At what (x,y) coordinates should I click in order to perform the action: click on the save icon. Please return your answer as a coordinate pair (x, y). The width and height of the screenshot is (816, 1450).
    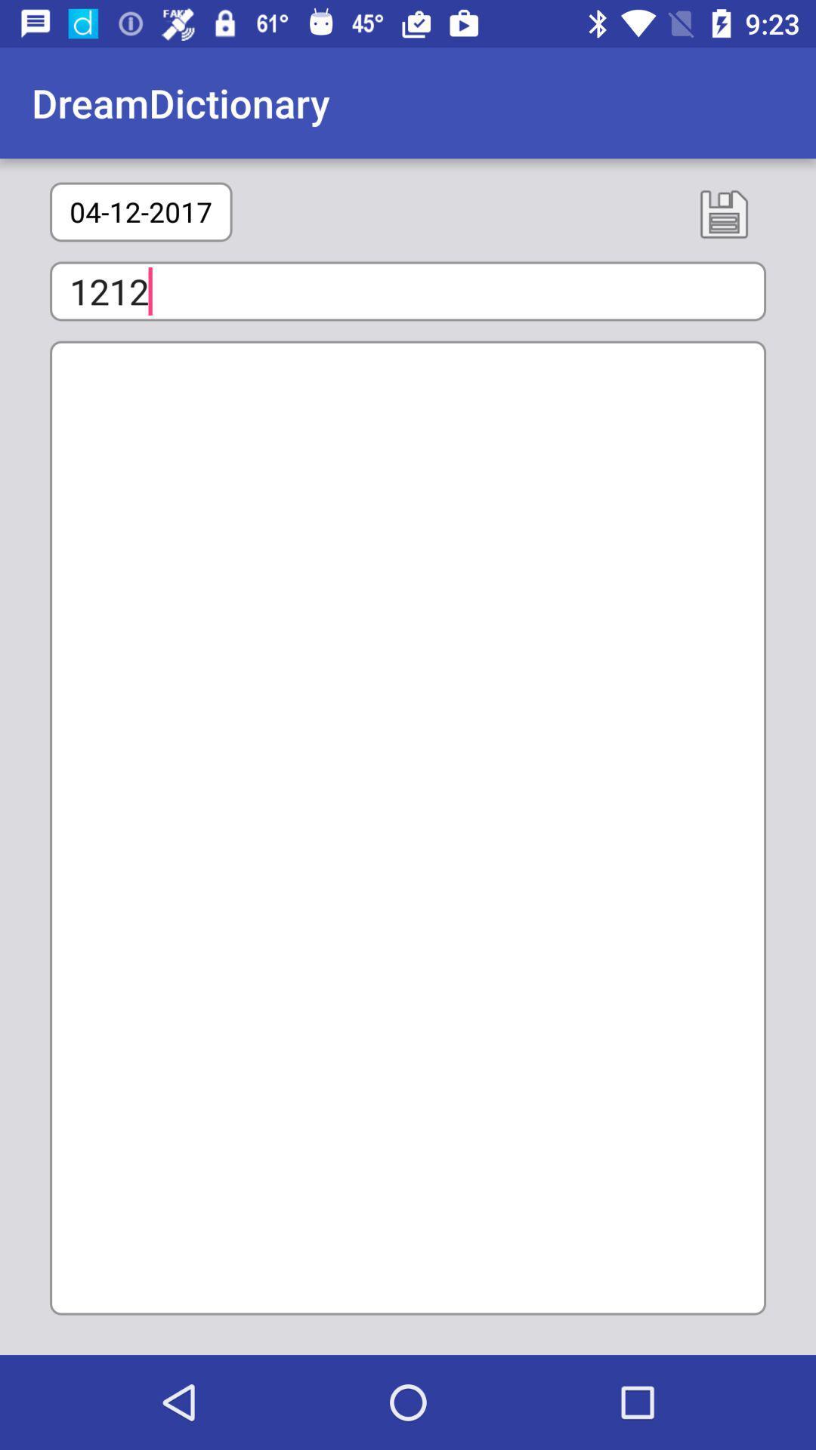
    Looking at the image, I should click on (723, 213).